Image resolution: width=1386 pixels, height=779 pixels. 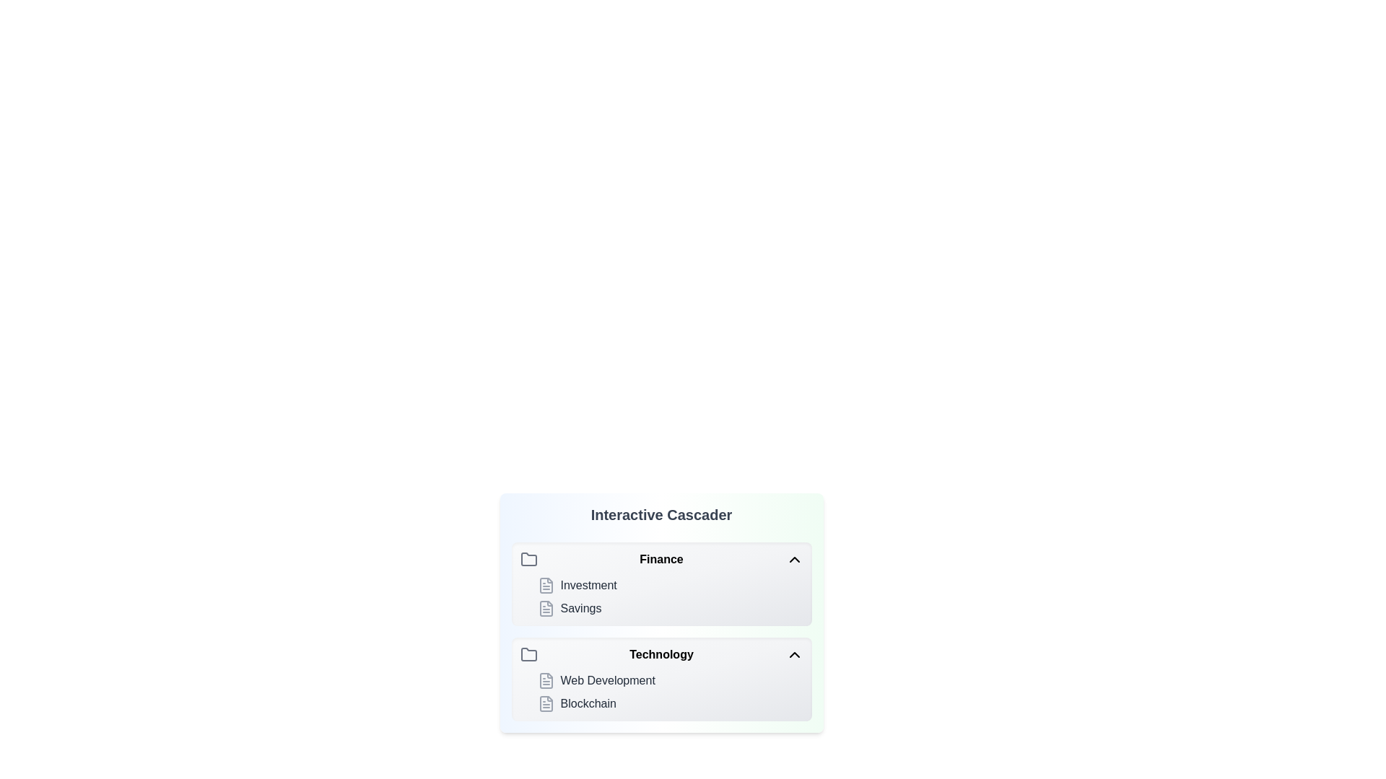 What do you see at coordinates (793, 558) in the screenshot?
I see `the chevron icon that collapses the sub-items under the 'Finance' label, positioned on the far-right side of the list item` at bounding box center [793, 558].